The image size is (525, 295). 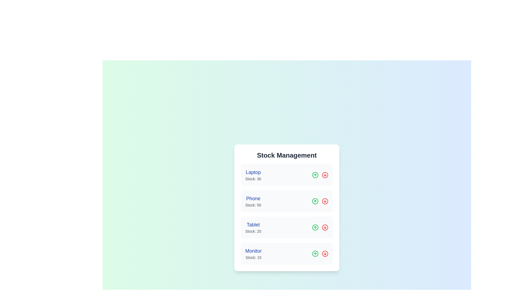 I want to click on the decrement icon for the product Tablet, so click(x=325, y=228).